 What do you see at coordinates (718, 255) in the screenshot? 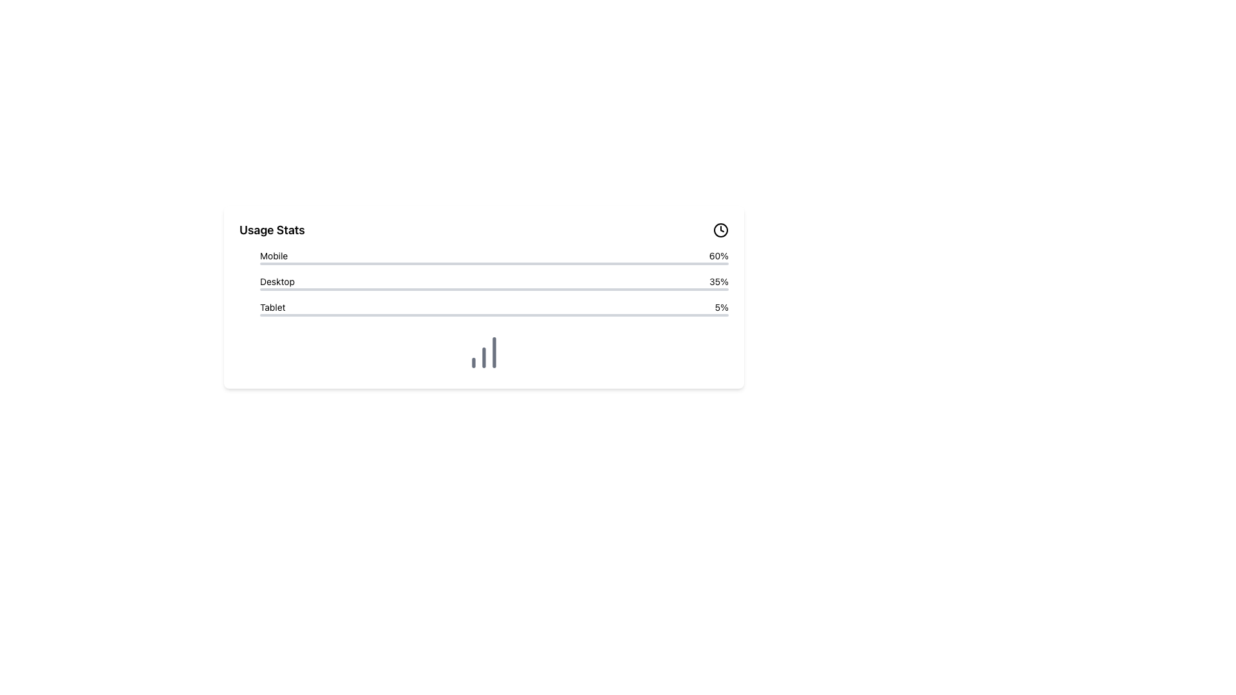
I see `the text display element showing '60%' which is styled in bold and aligned horizontally with the 'Mobile' label` at bounding box center [718, 255].